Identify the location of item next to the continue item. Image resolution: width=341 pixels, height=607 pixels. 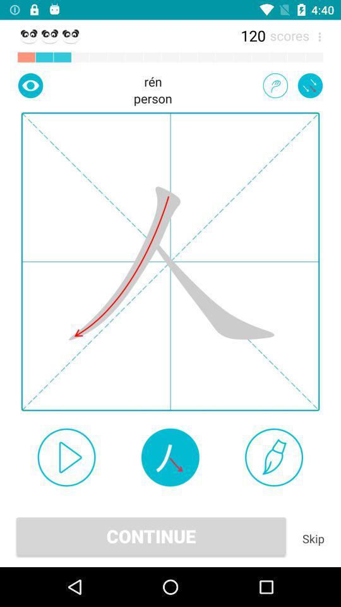
(313, 538).